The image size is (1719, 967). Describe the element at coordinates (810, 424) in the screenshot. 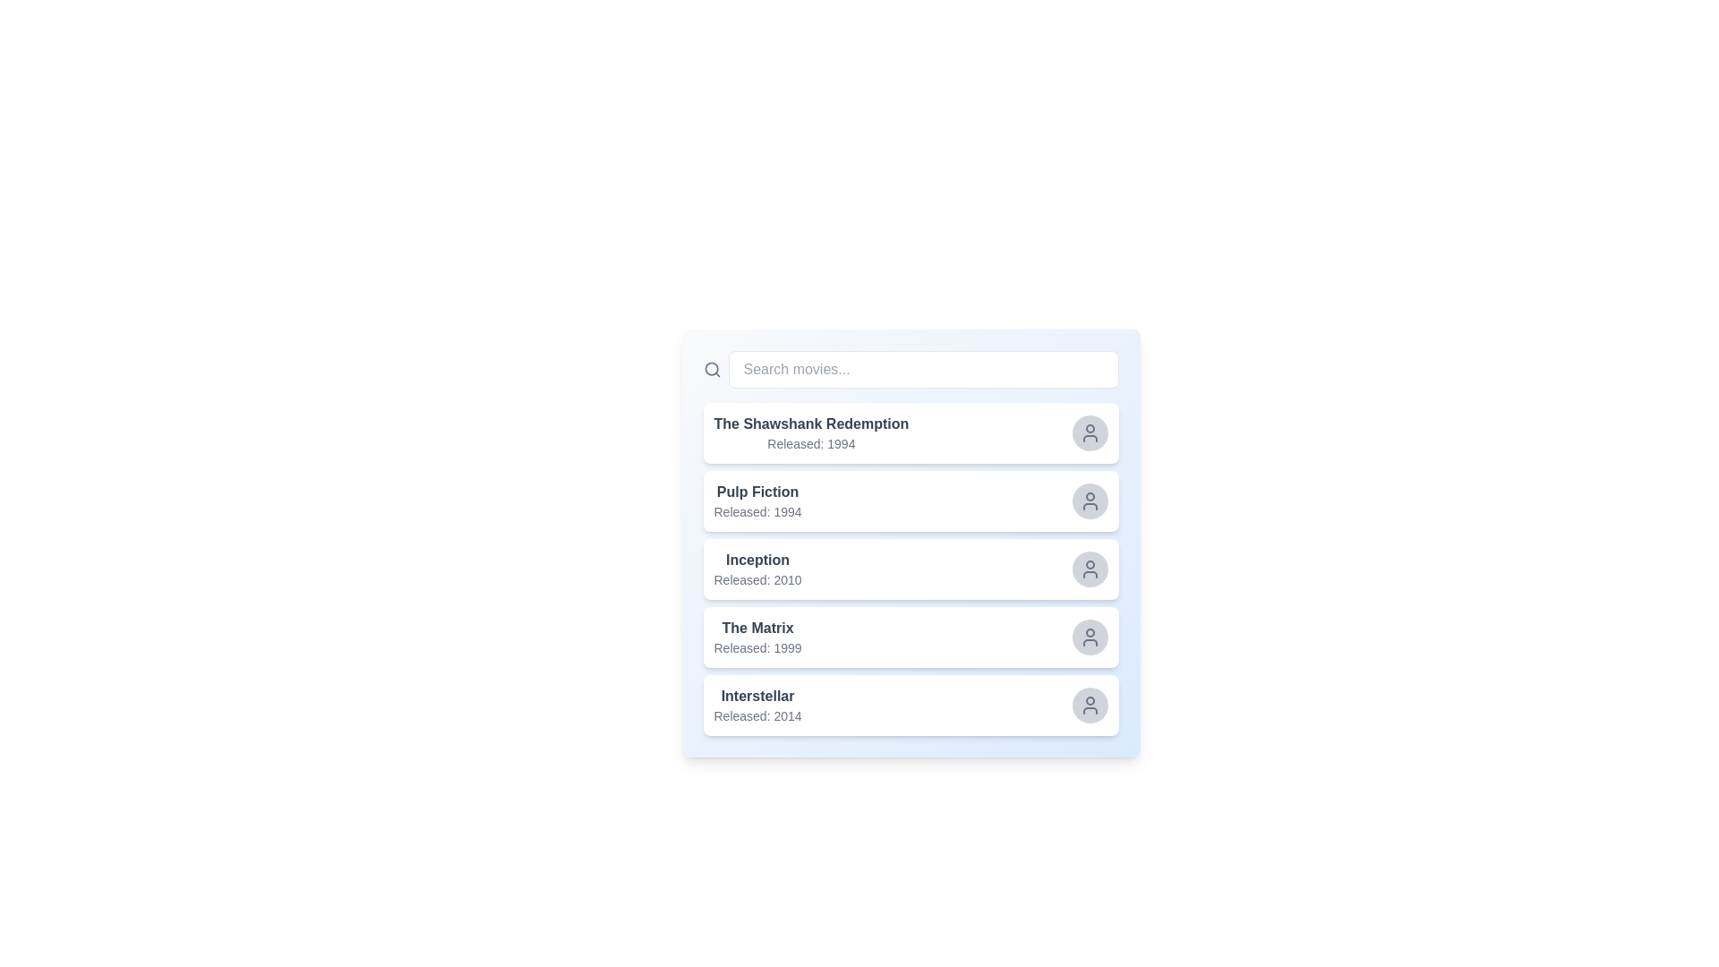

I see `the static text displaying 'The Shawshank Redemption', which is styled in bold dark gray and positioned as the first item in the movie list interface` at that location.